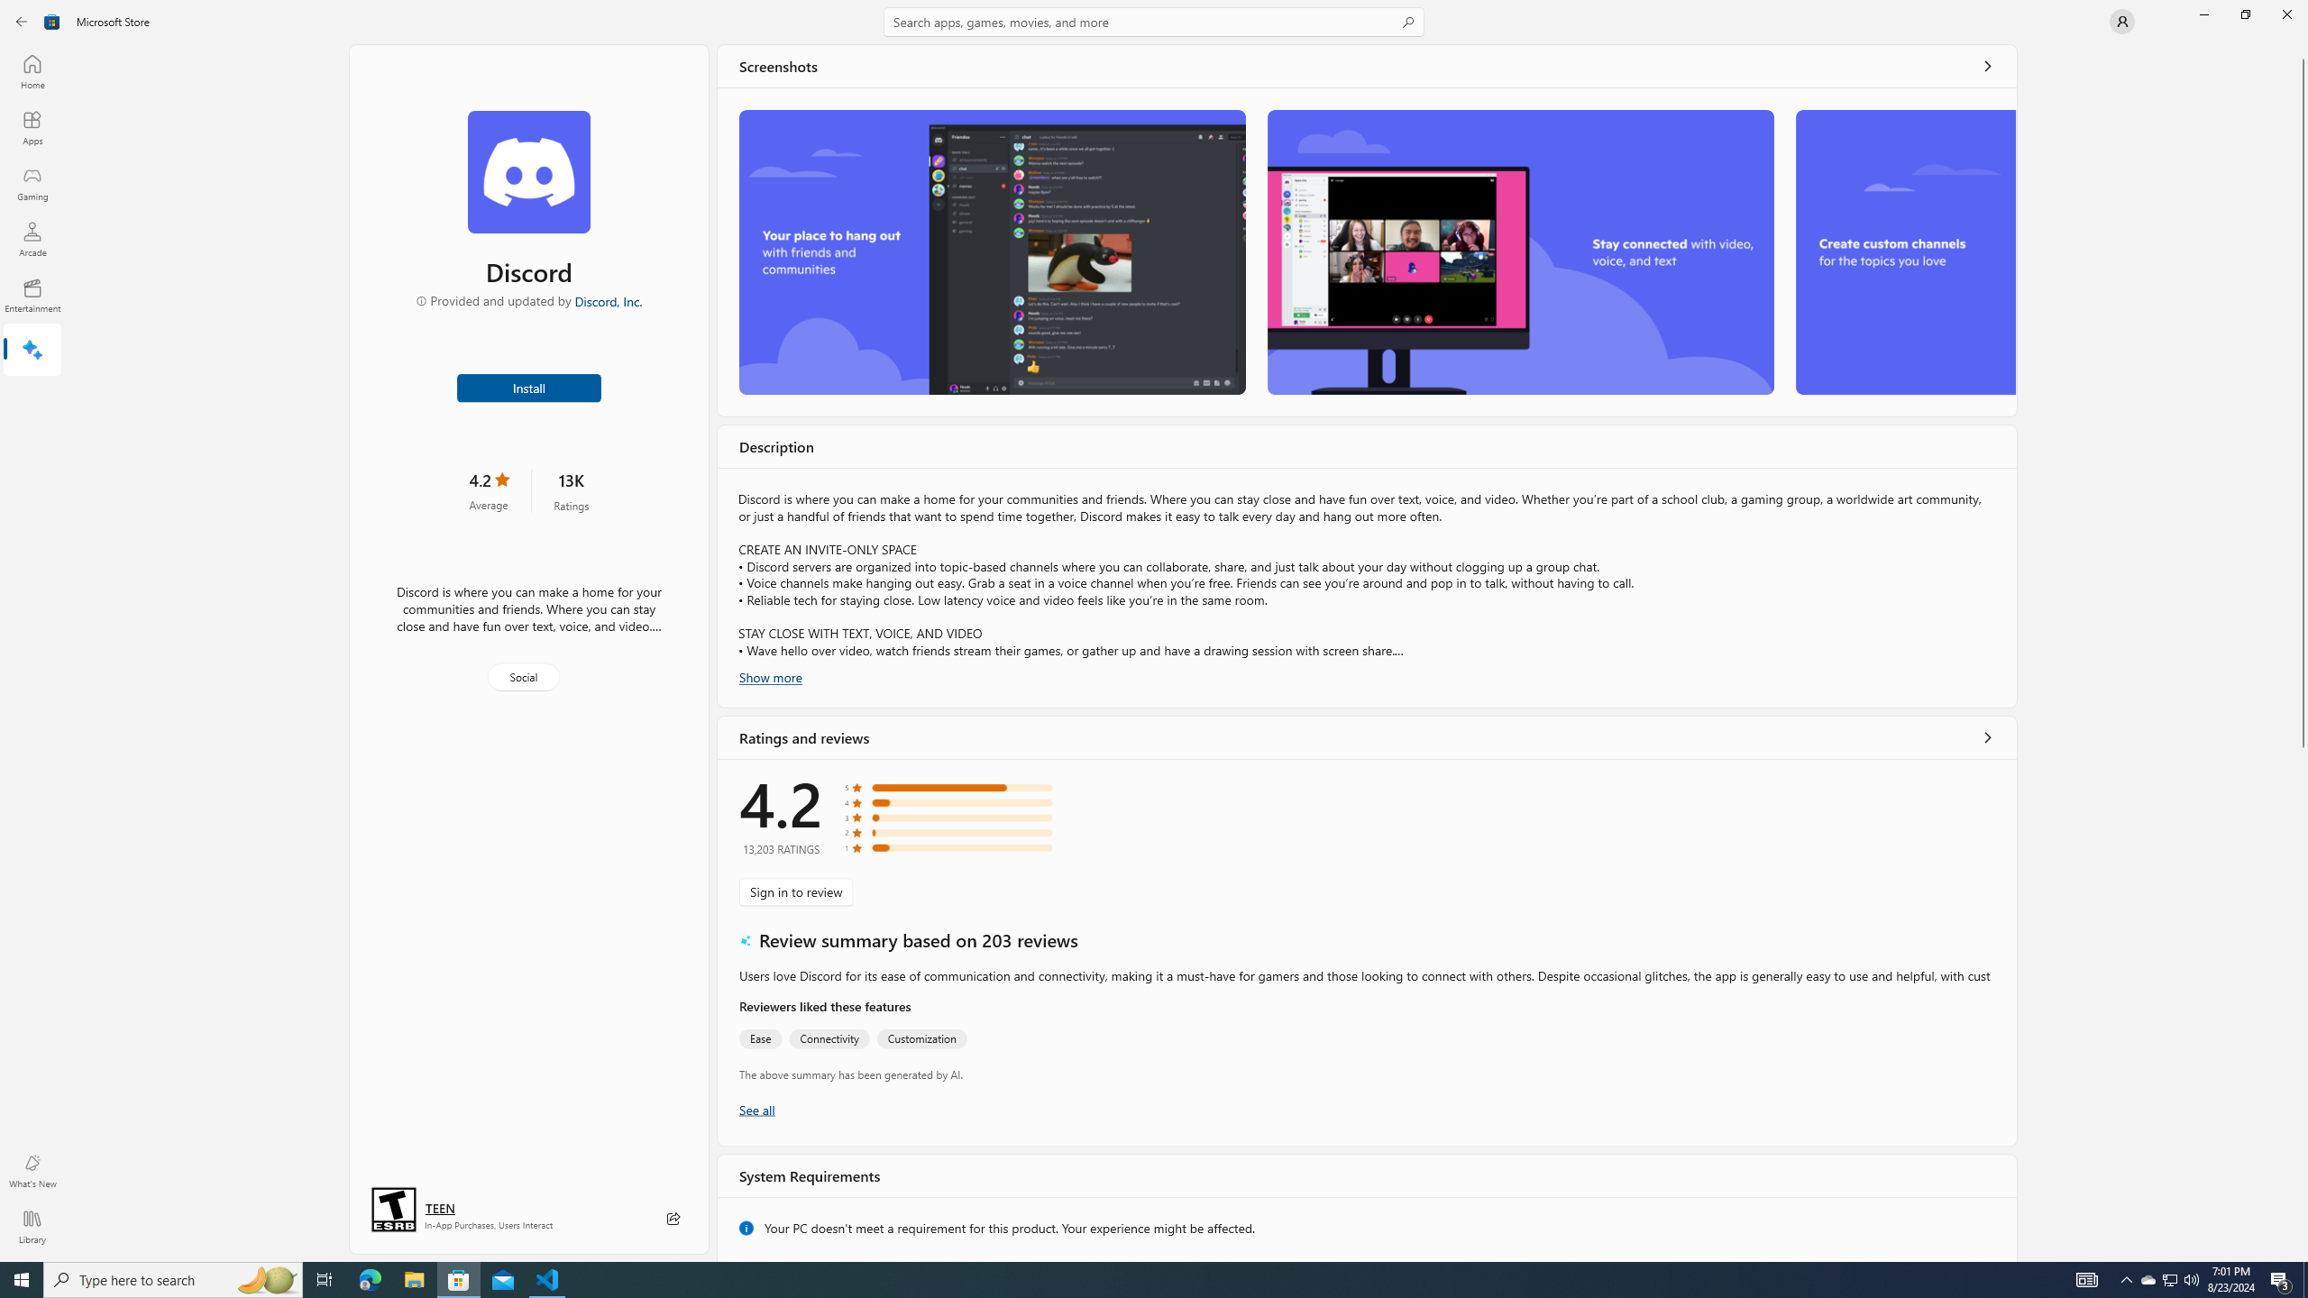  I want to click on 'Back', so click(22, 20).